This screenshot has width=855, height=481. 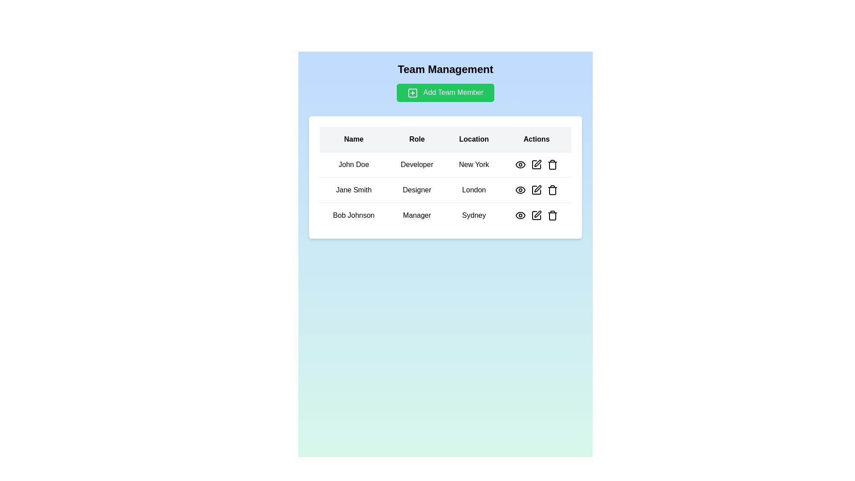 I want to click on the 'view' button located in the second row of the 'Actions' column for the entry associated with 'Jane Smith', so click(x=521, y=189).